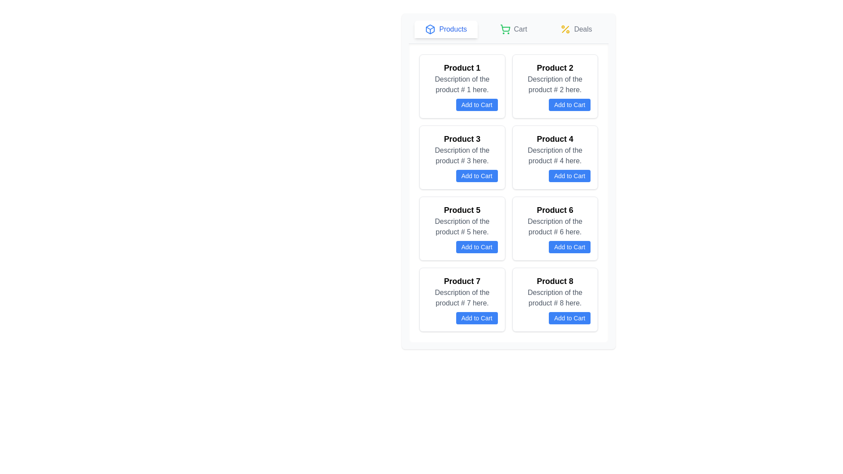 This screenshot has height=474, width=843. What do you see at coordinates (576, 29) in the screenshot?
I see `the 'Deals' navigation button, which is the third item in the horizontal navigation bar` at bounding box center [576, 29].